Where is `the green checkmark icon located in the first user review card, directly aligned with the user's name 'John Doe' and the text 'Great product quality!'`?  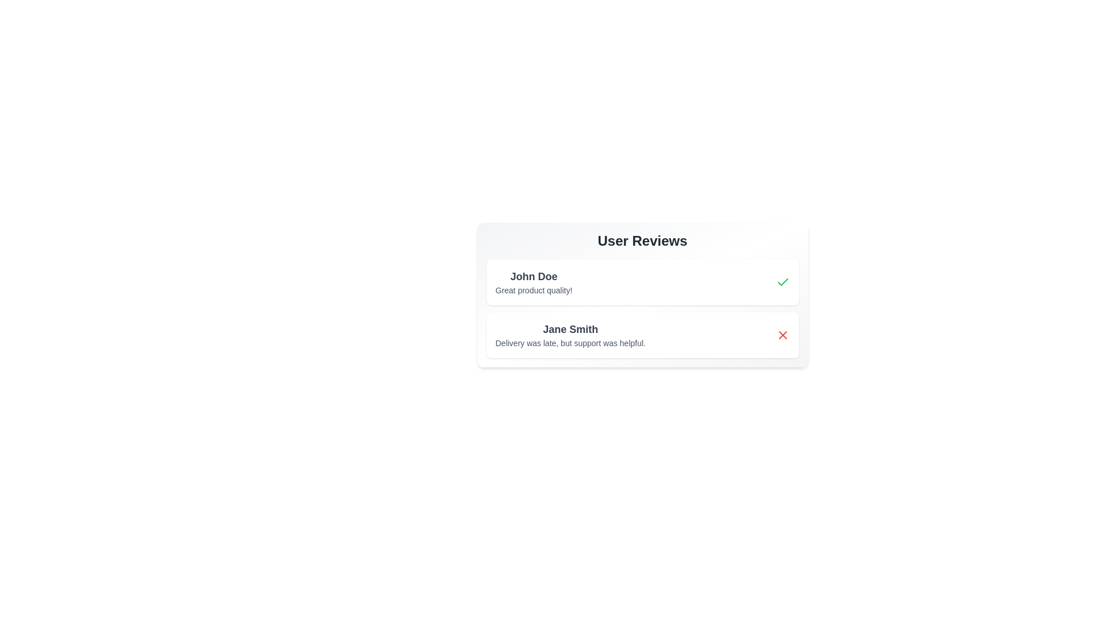
the green checkmark icon located in the first user review card, directly aligned with the user's name 'John Doe' and the text 'Great product quality!' is located at coordinates (782, 282).